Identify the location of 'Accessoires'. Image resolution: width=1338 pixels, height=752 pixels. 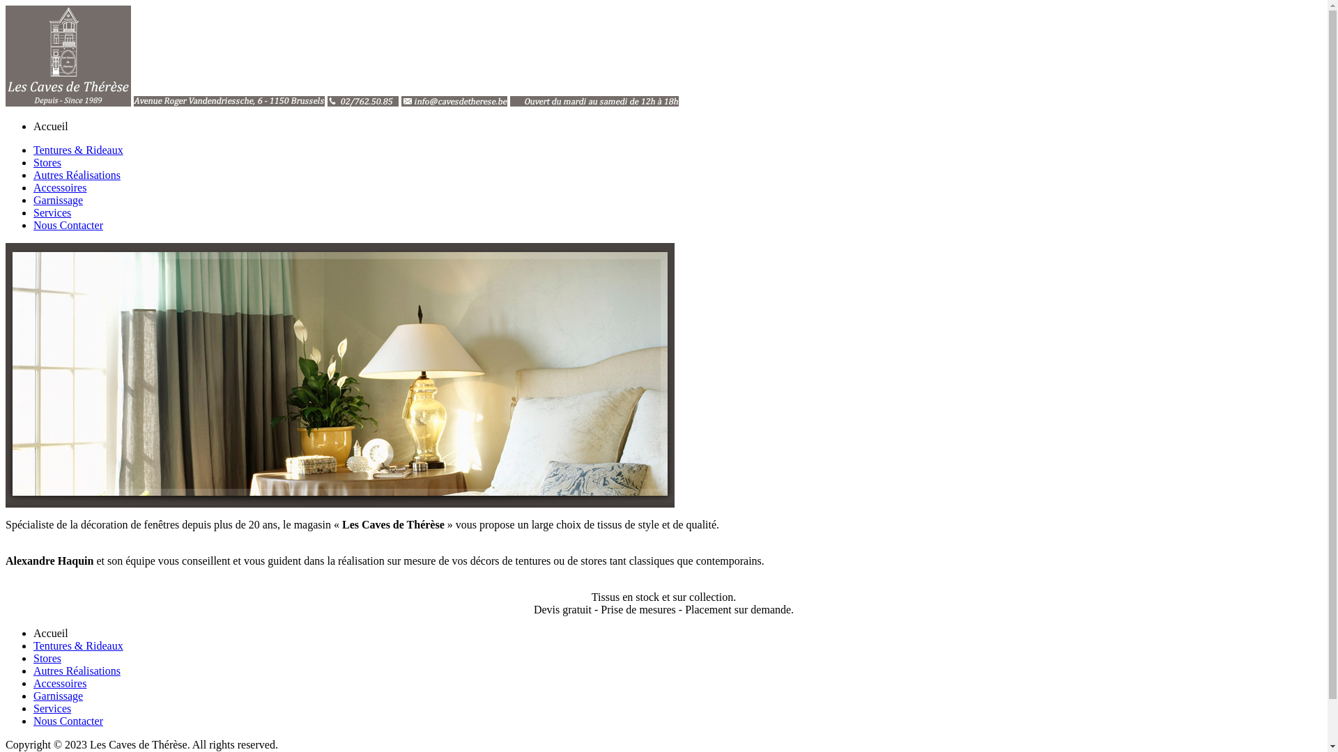
(59, 682).